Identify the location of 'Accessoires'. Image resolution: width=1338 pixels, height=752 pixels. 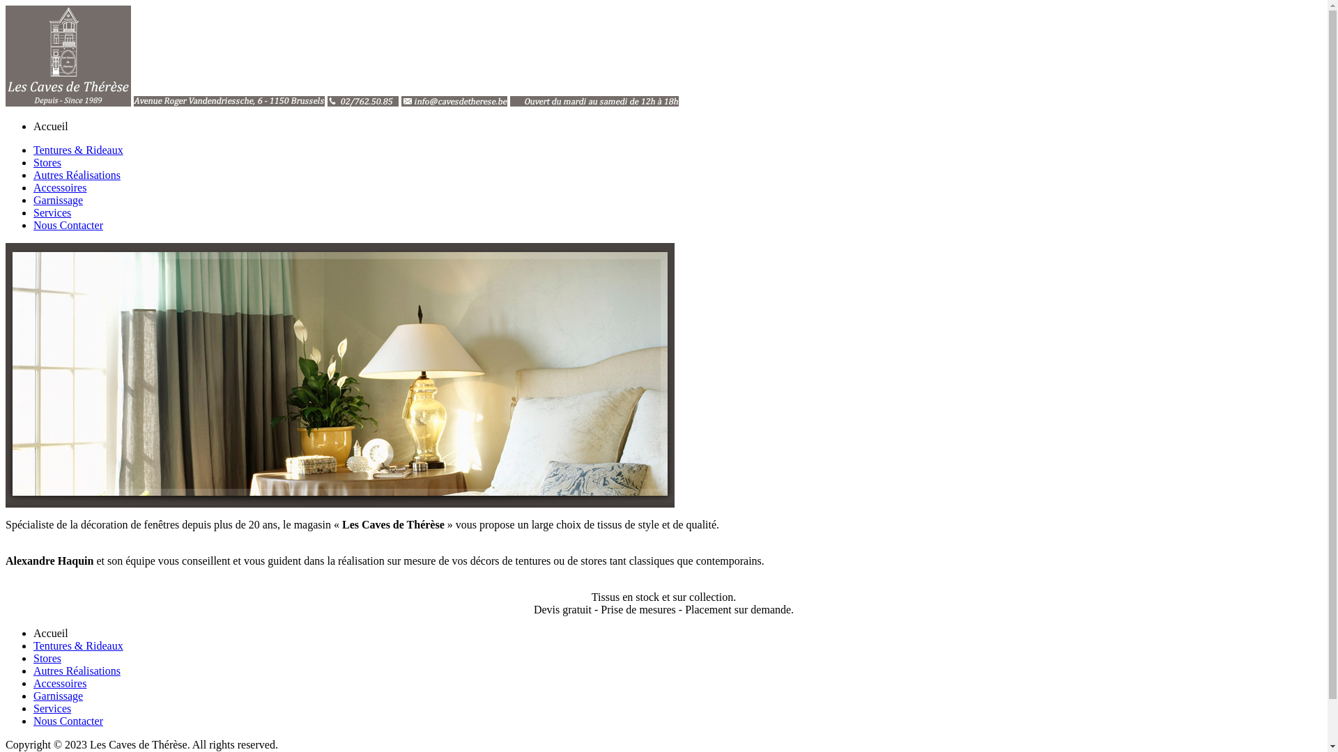
(59, 682).